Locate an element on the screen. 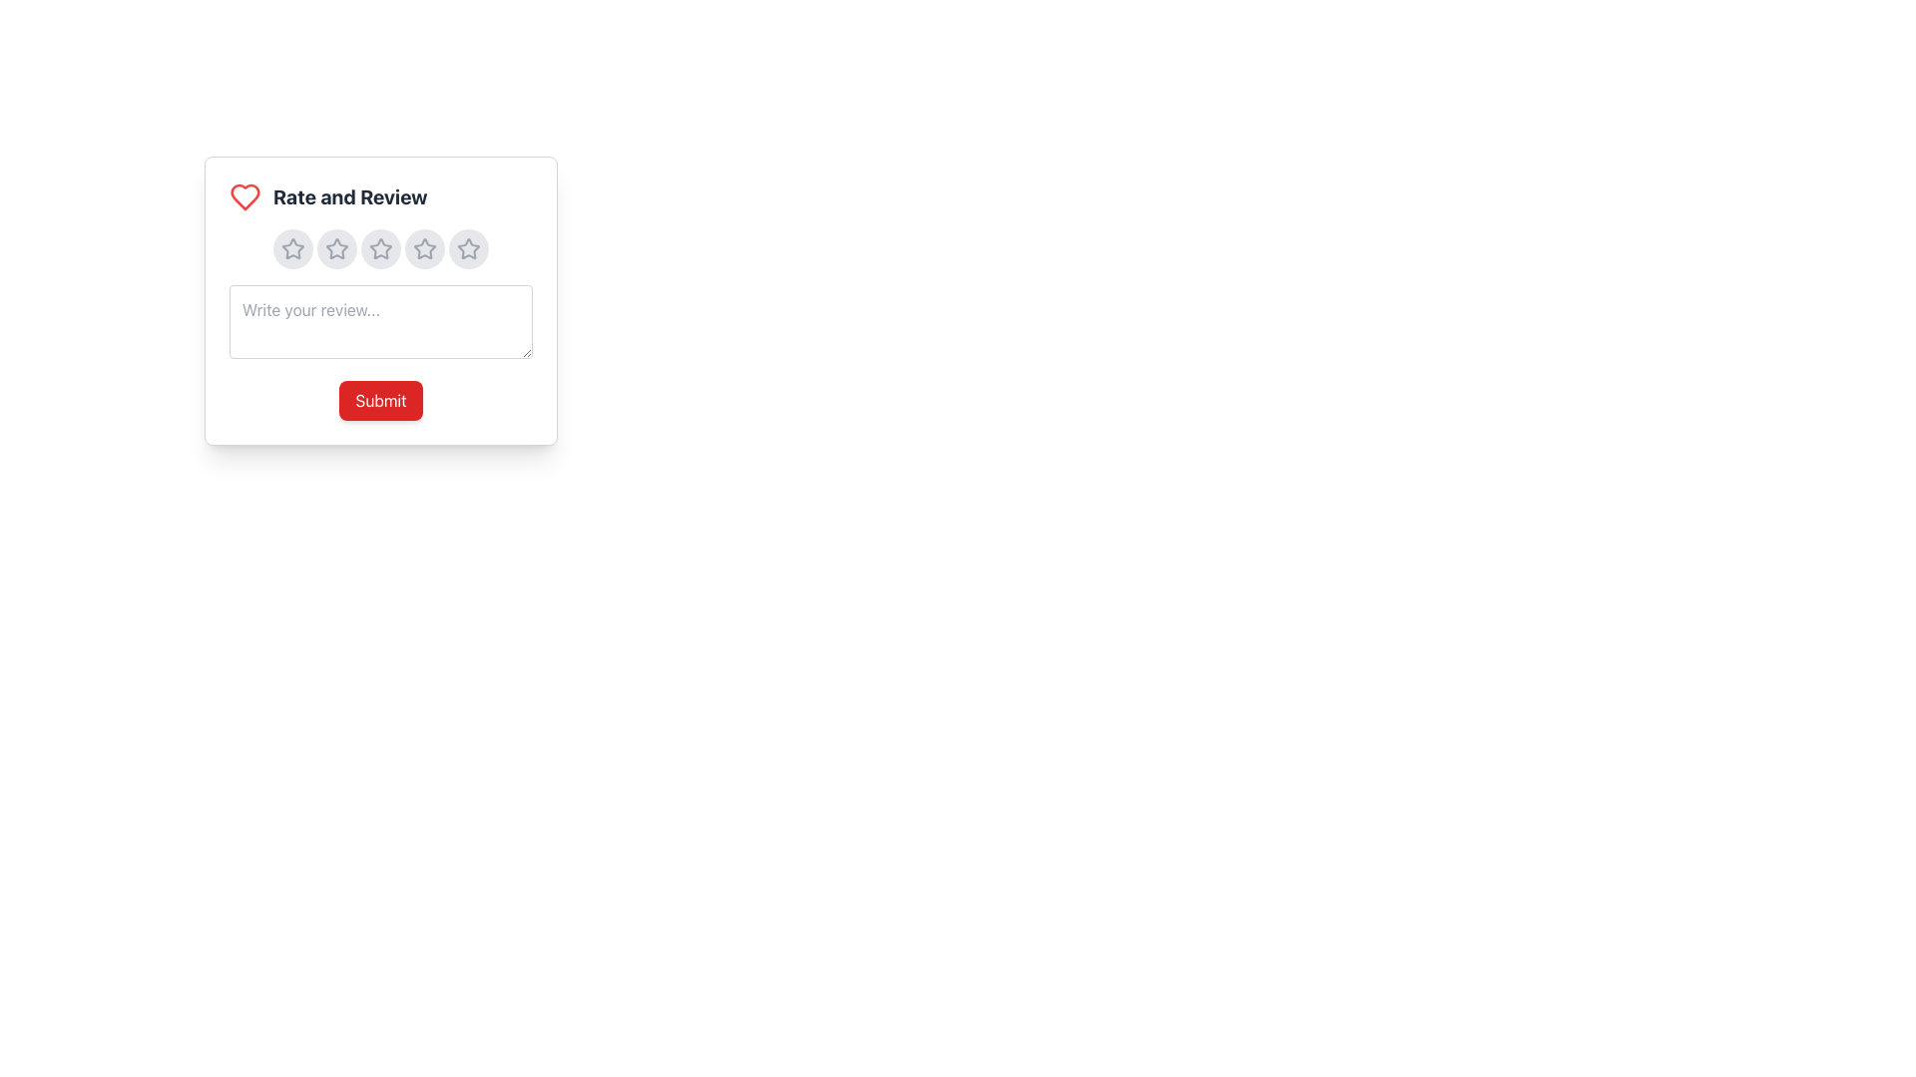 The image size is (1916, 1077). the circular button with a light gray background and a centered gray star icon, which is the fourth button in a row of five is located at coordinates (424, 248).